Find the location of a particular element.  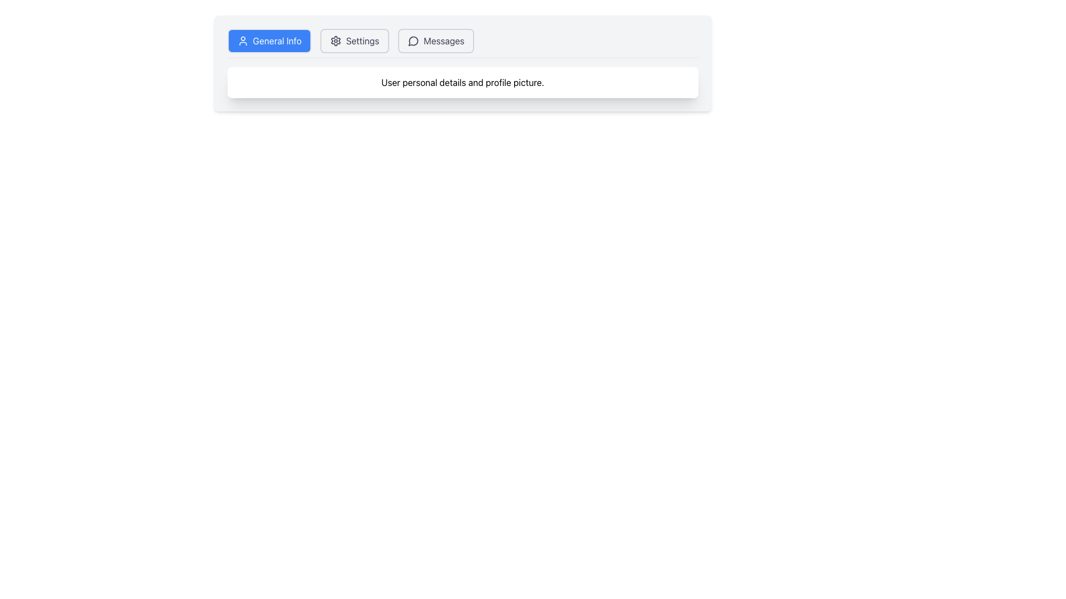

the messaging icon located on the left side of the 'Messages' button in the horizontal navigation bar is located at coordinates (413, 40).